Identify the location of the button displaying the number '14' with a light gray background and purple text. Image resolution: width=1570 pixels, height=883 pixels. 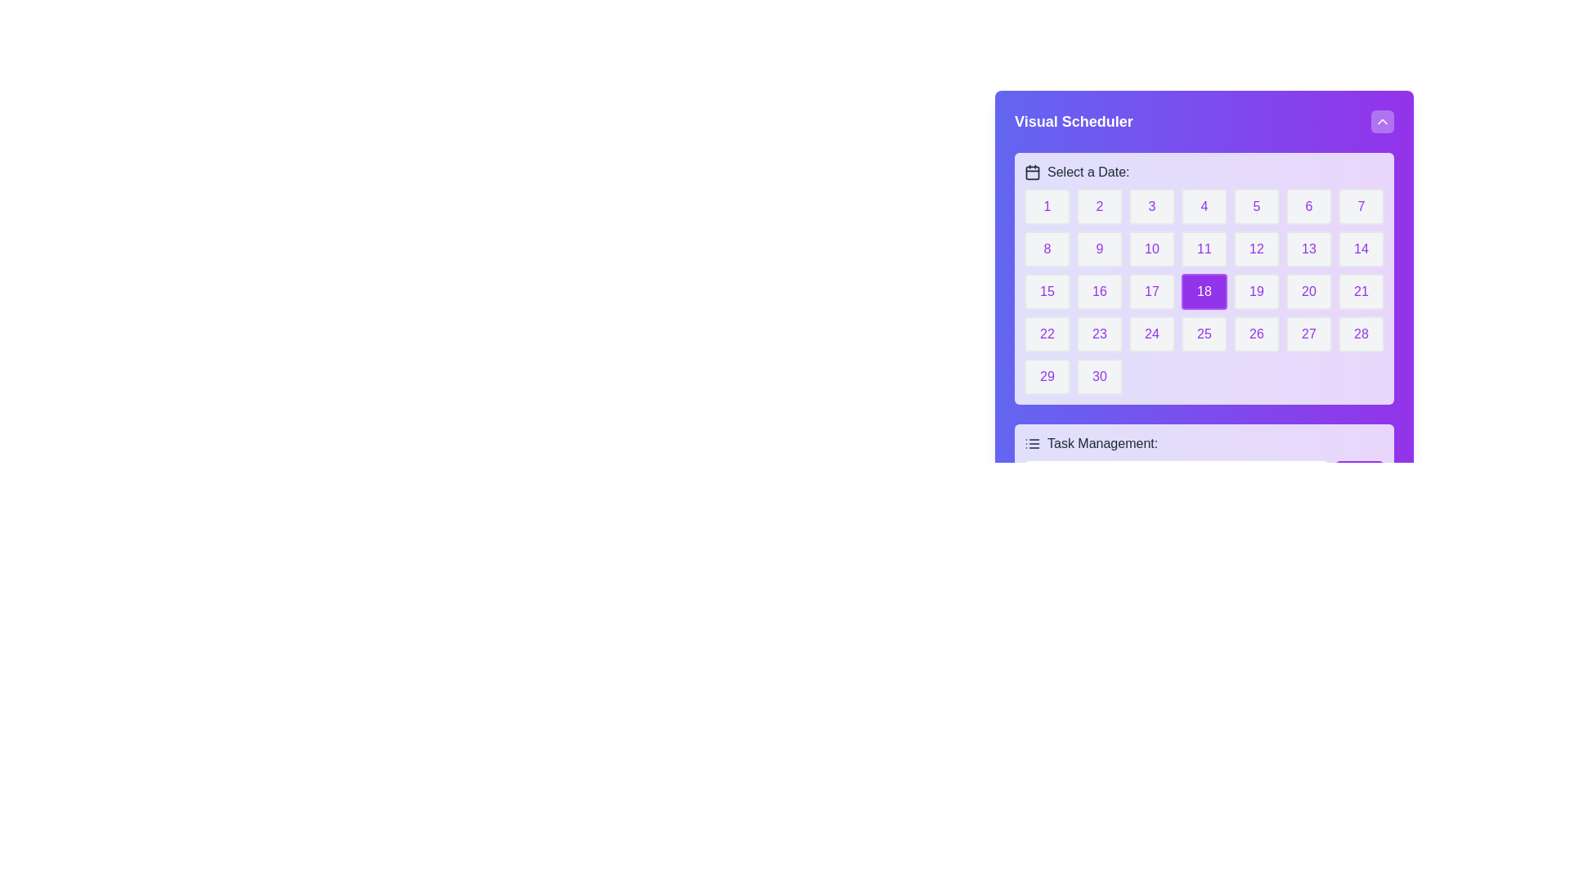
(1361, 249).